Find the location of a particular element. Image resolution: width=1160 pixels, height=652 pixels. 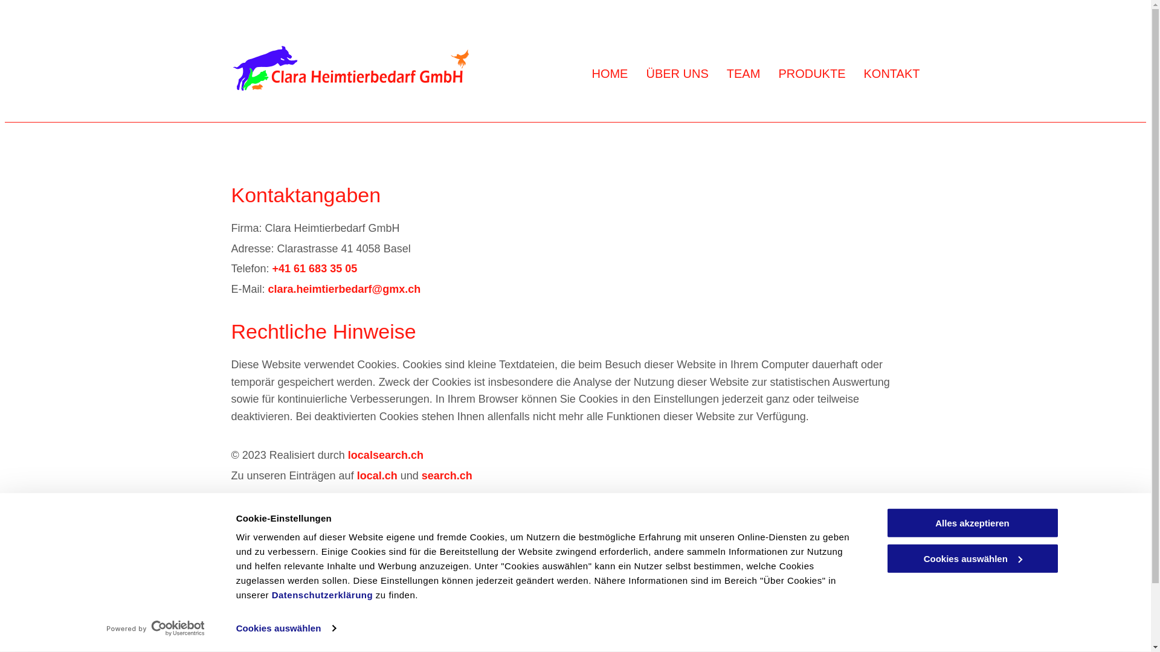

'TEAM' is located at coordinates (743, 74).